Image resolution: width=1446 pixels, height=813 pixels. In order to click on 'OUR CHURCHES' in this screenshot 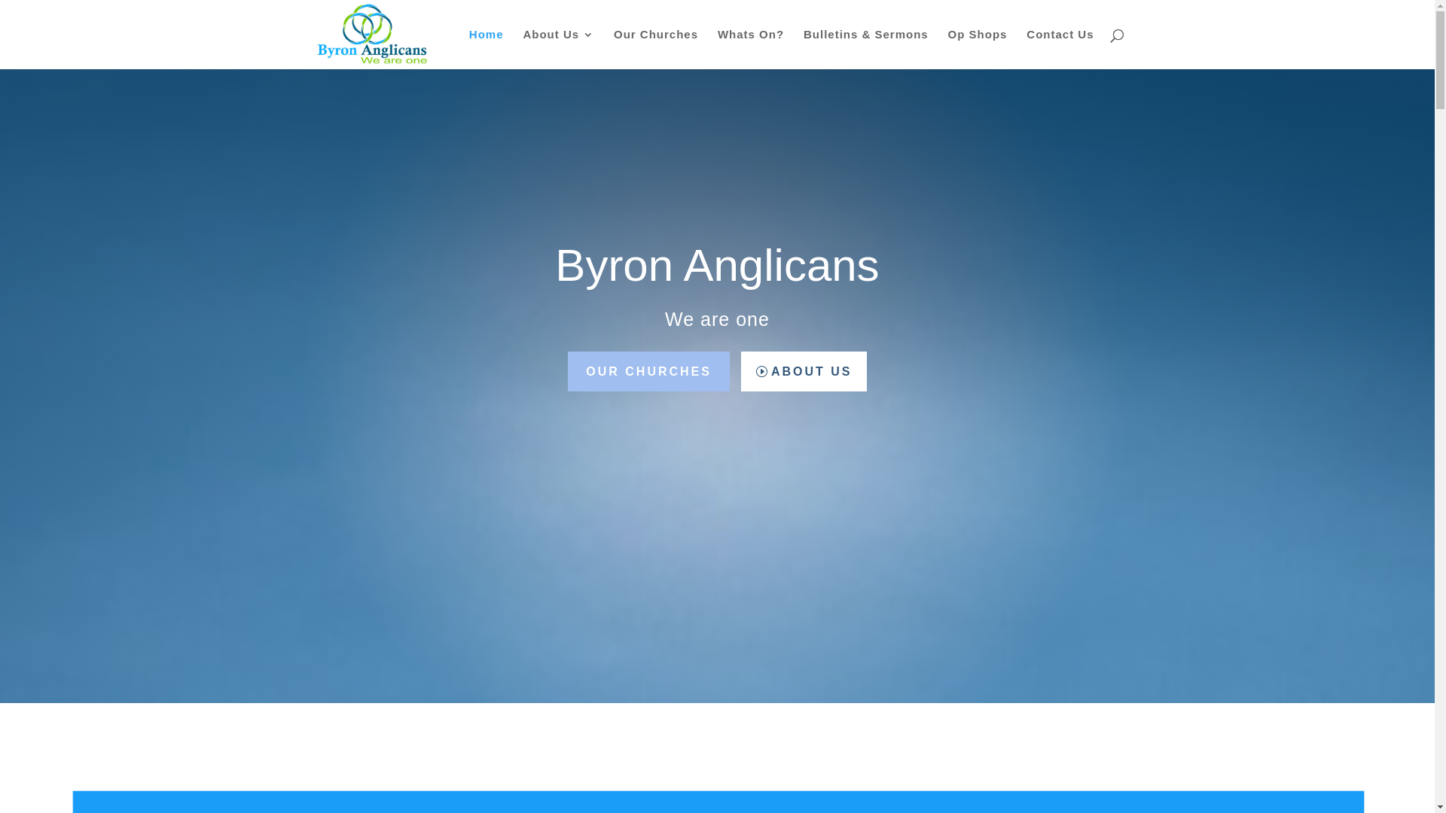, I will do `click(566, 371)`.